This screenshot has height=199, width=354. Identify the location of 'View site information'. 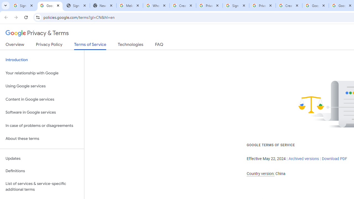
(37, 17).